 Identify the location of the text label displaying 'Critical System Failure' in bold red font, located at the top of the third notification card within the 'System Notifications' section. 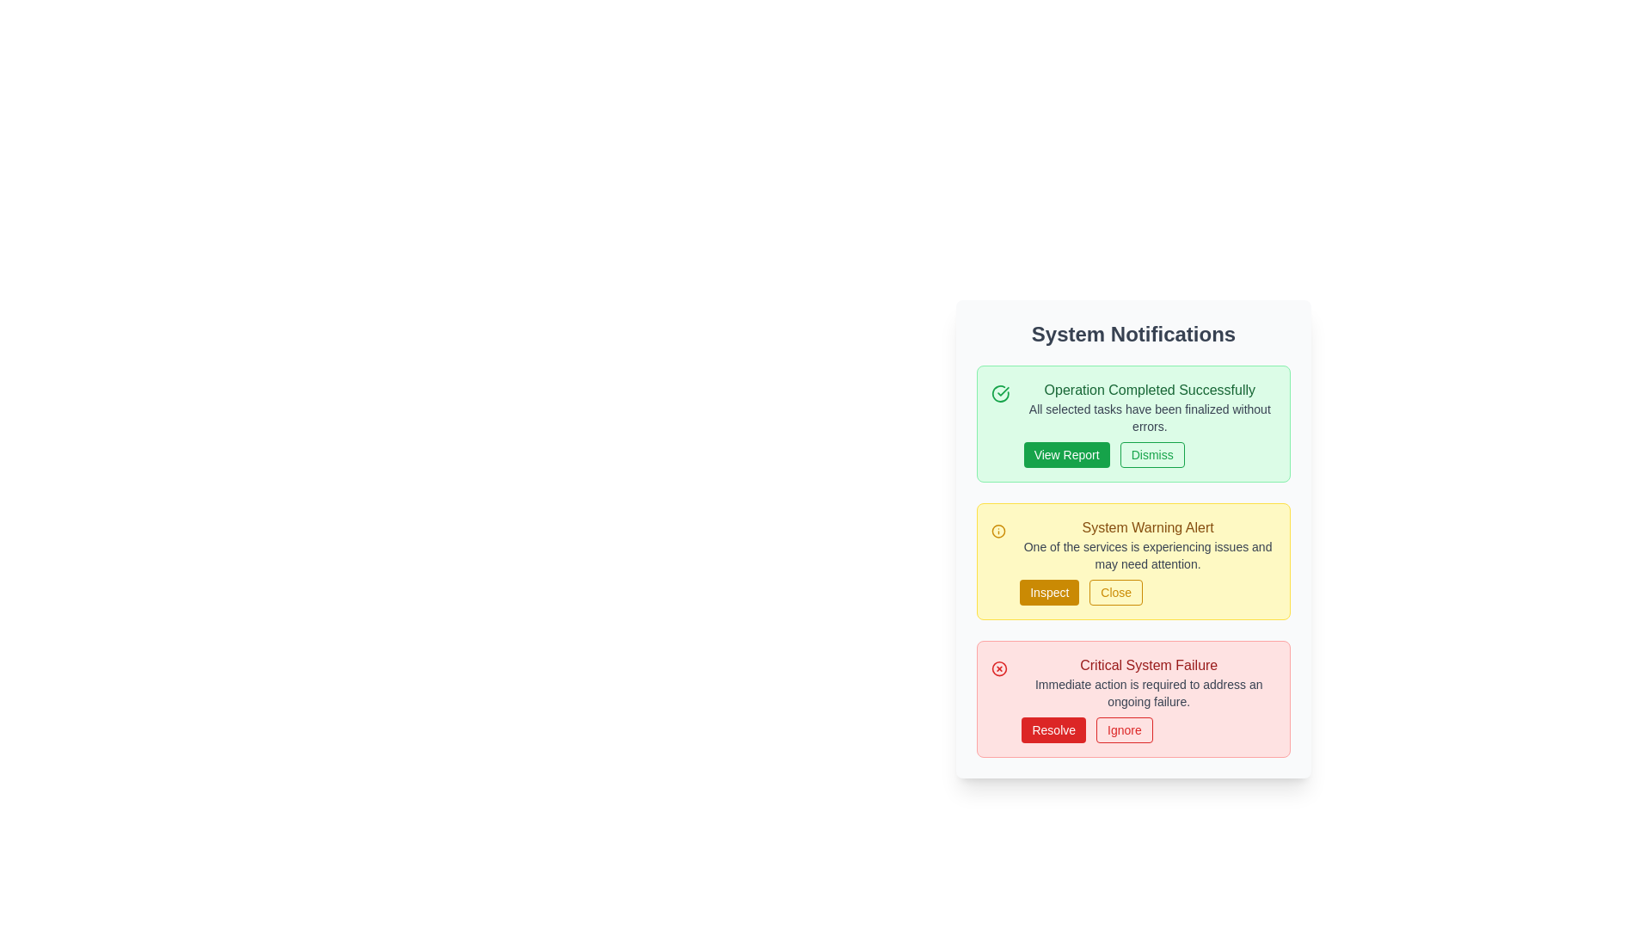
(1149, 665).